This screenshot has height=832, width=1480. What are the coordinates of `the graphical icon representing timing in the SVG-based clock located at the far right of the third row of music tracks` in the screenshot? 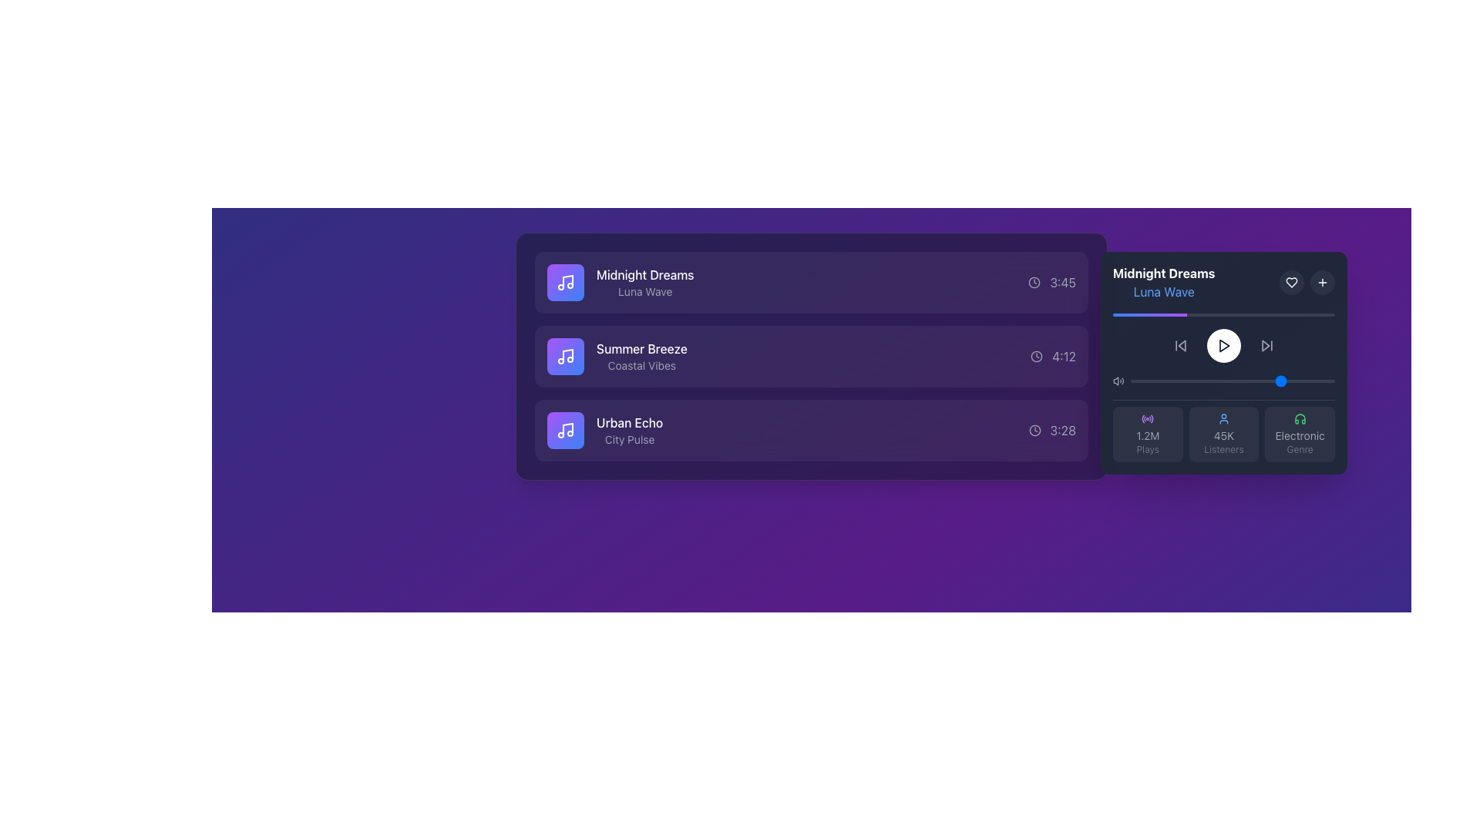 It's located at (1034, 431).